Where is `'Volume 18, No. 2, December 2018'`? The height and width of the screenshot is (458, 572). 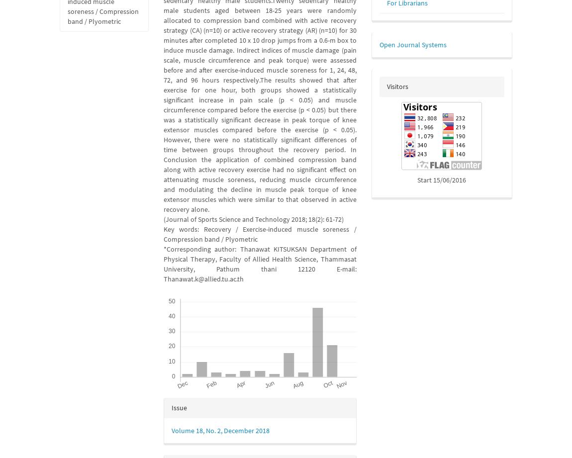
'Volume 18, No. 2, December 2018' is located at coordinates (220, 430).